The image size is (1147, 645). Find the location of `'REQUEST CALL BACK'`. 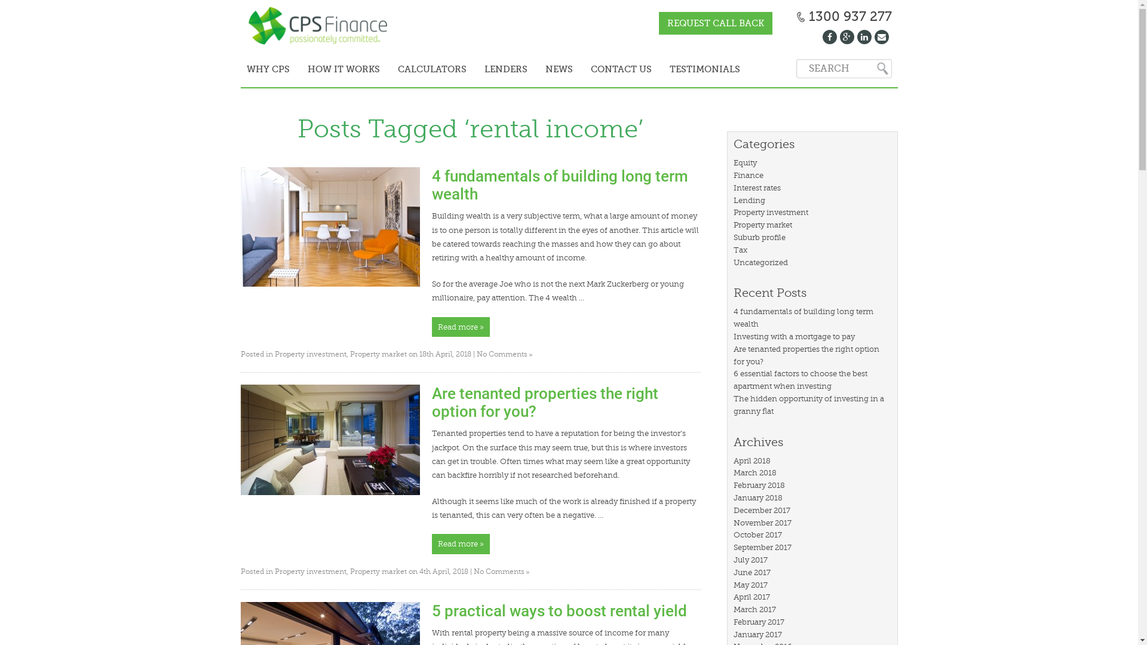

'REQUEST CALL BACK' is located at coordinates (714, 23).